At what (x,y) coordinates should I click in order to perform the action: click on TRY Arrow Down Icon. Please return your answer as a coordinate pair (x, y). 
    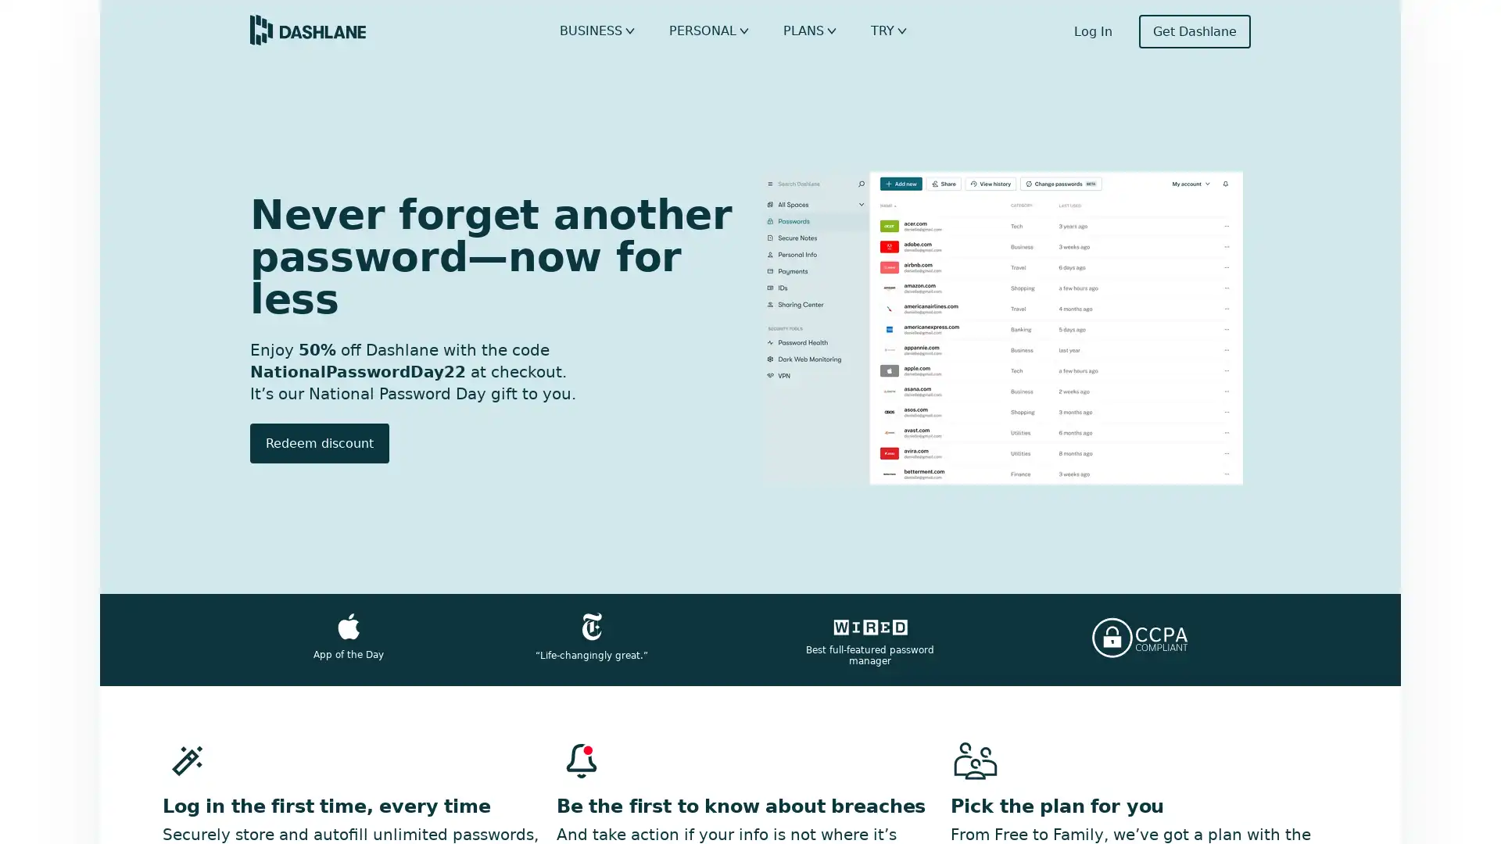
    Looking at the image, I should click on (887, 30).